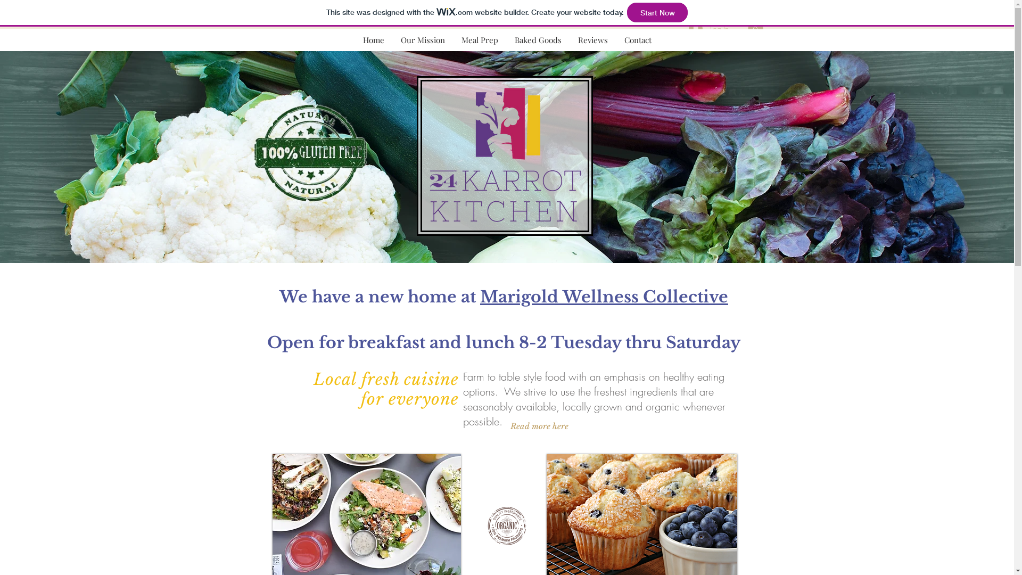 Image resolution: width=1022 pixels, height=575 pixels. Describe the element at coordinates (569, 39) in the screenshot. I see `'Reviews'` at that location.